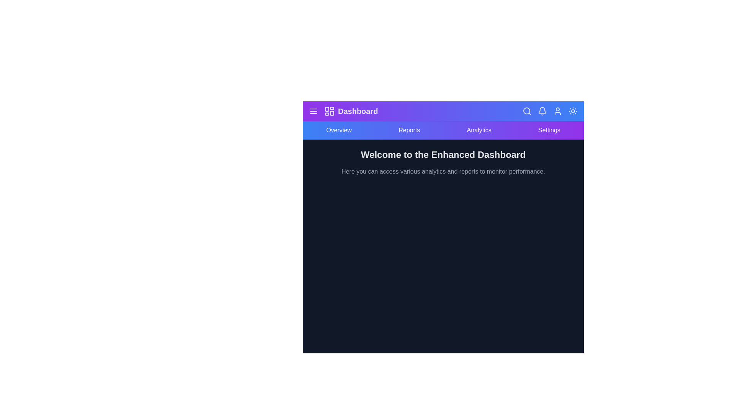  What do you see at coordinates (573, 111) in the screenshot?
I see `the sun/moon button to toggle between dark and light modes` at bounding box center [573, 111].